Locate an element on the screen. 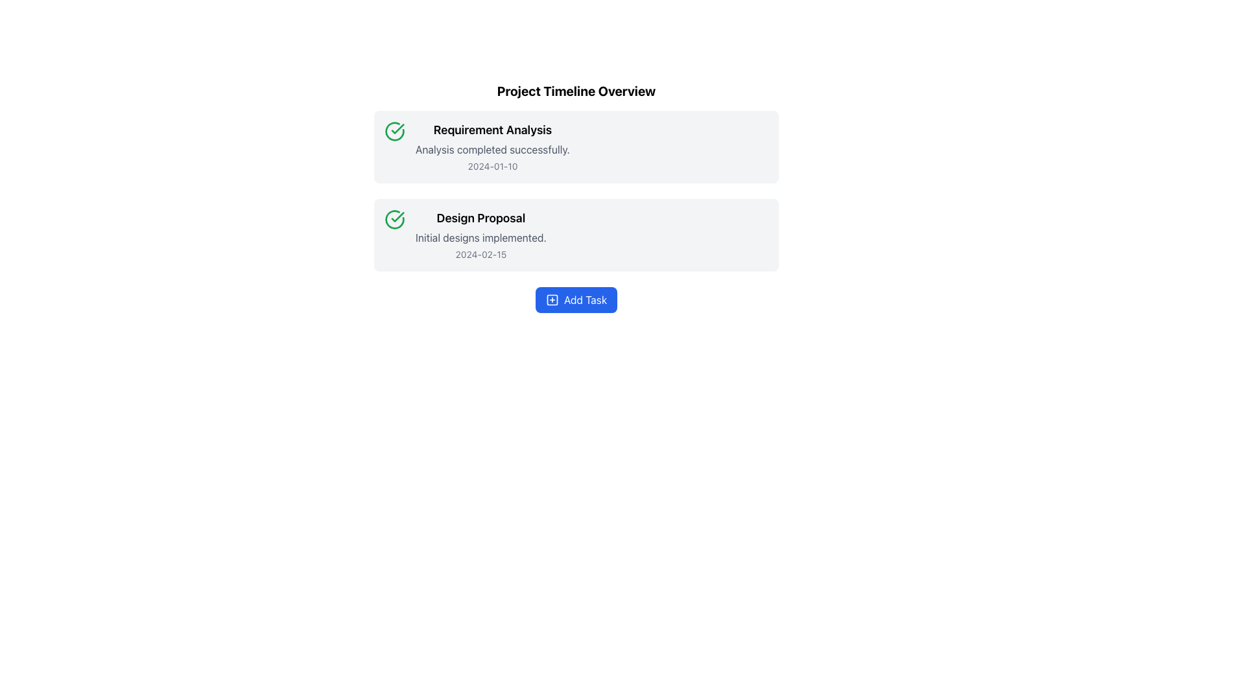  the static text label that provides descriptive information about the 'Design Proposal' project stage, positioned between the header 'Design Proposal' and the date '2024-02-15' is located at coordinates (480, 237).